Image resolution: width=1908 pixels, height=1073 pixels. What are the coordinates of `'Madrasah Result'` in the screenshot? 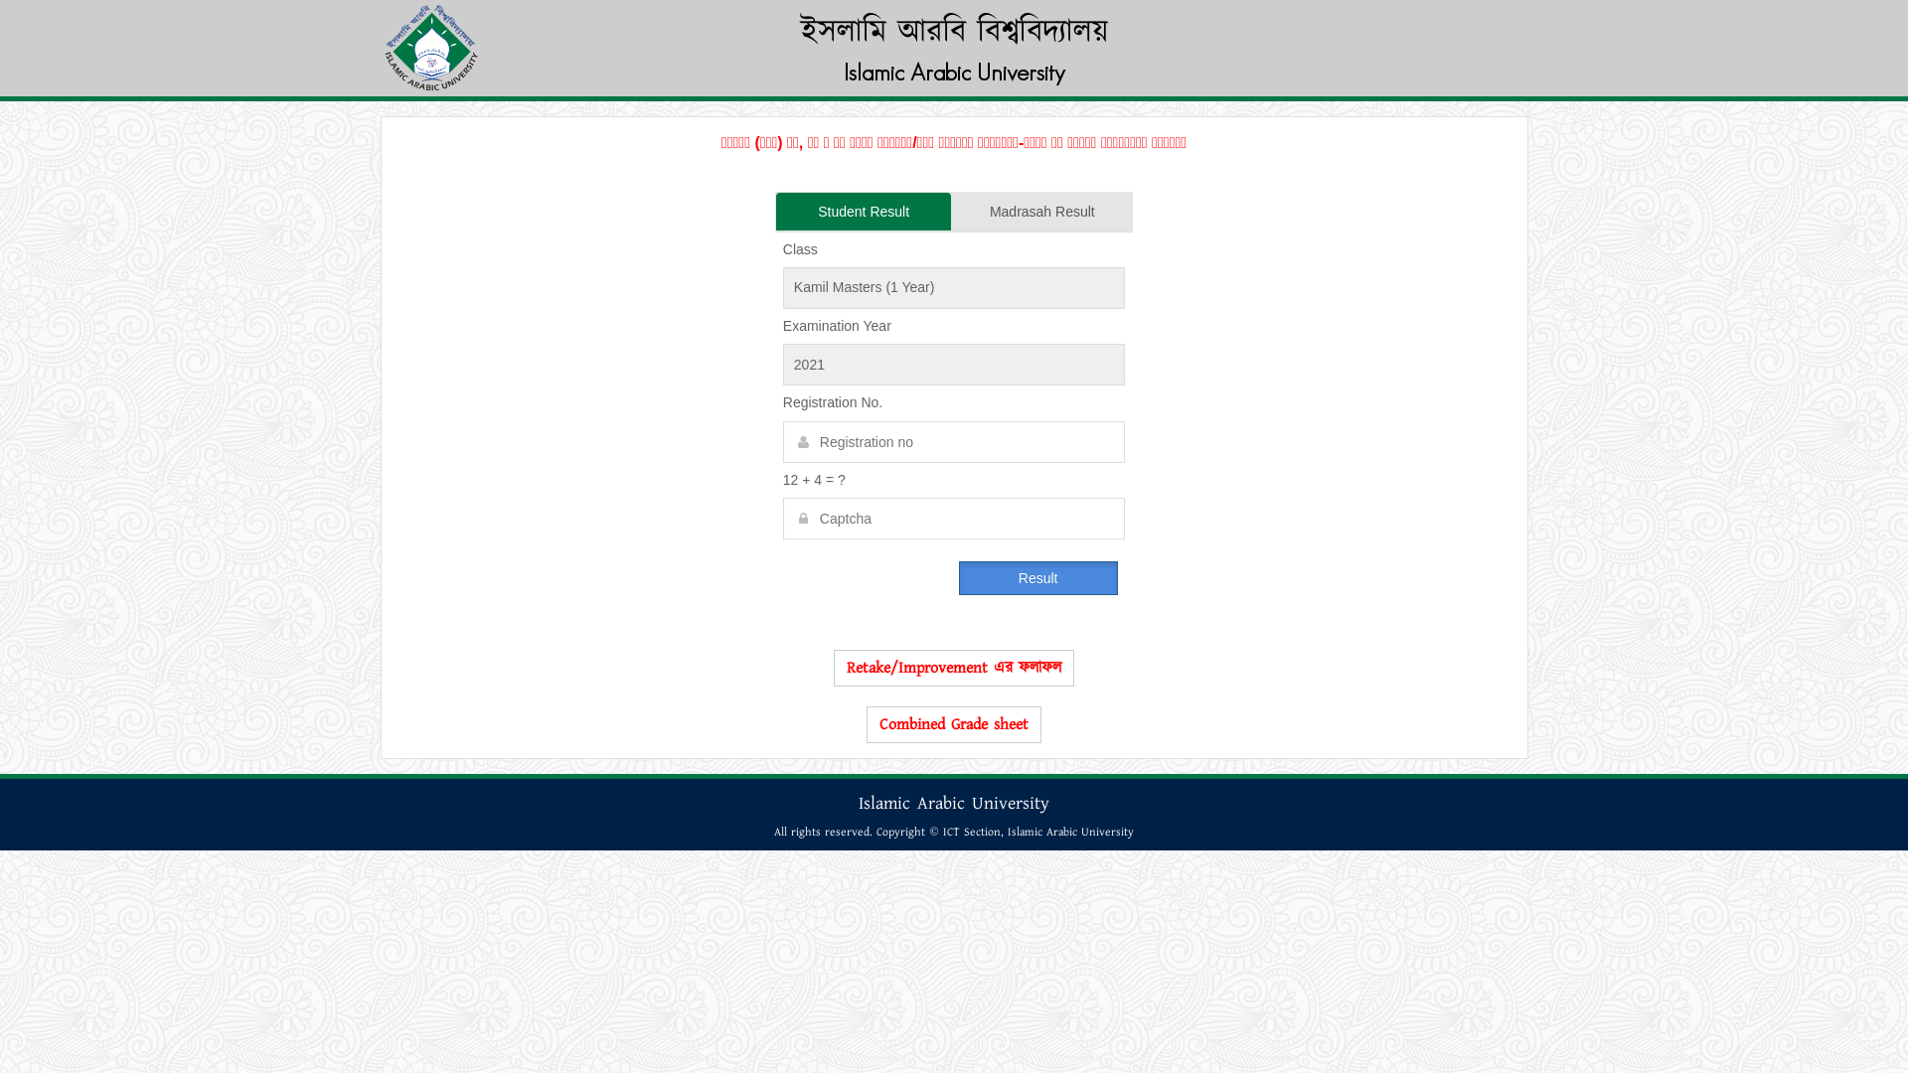 It's located at (1041, 211).